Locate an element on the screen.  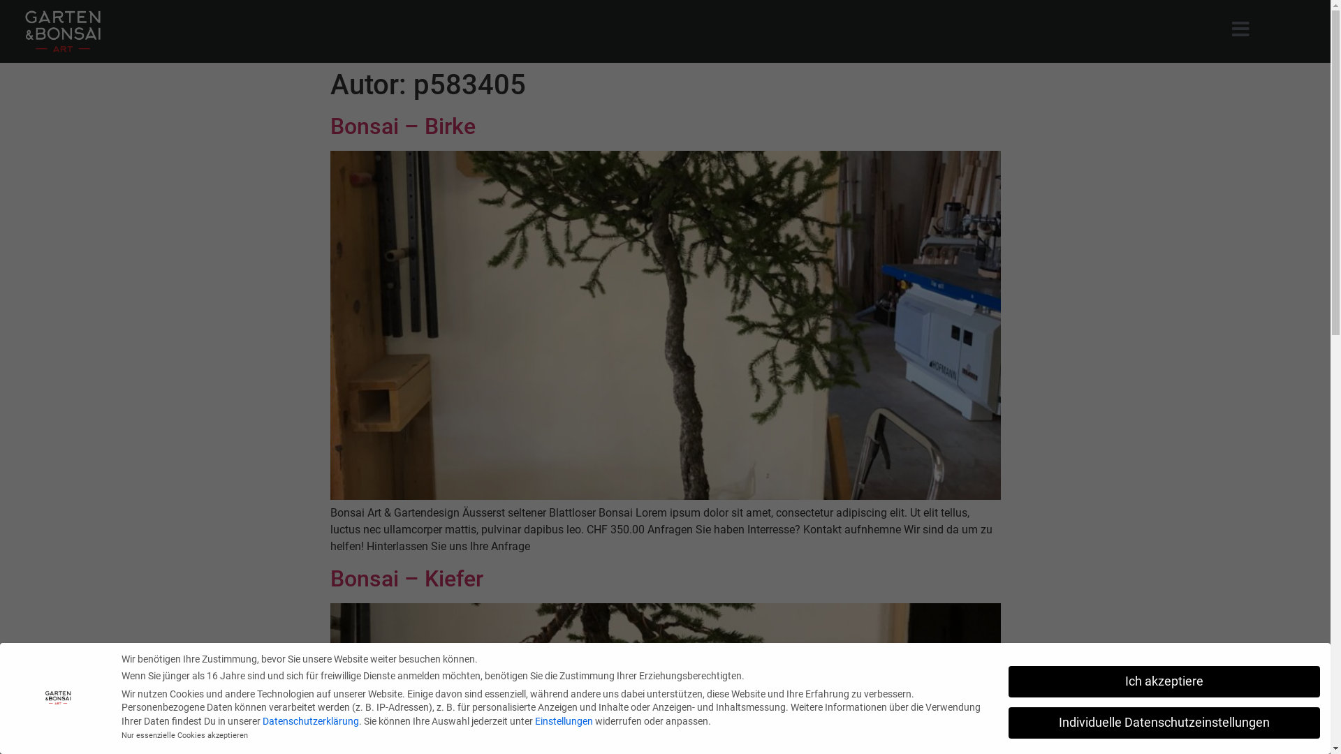
'Einstellungen' is located at coordinates (564, 721).